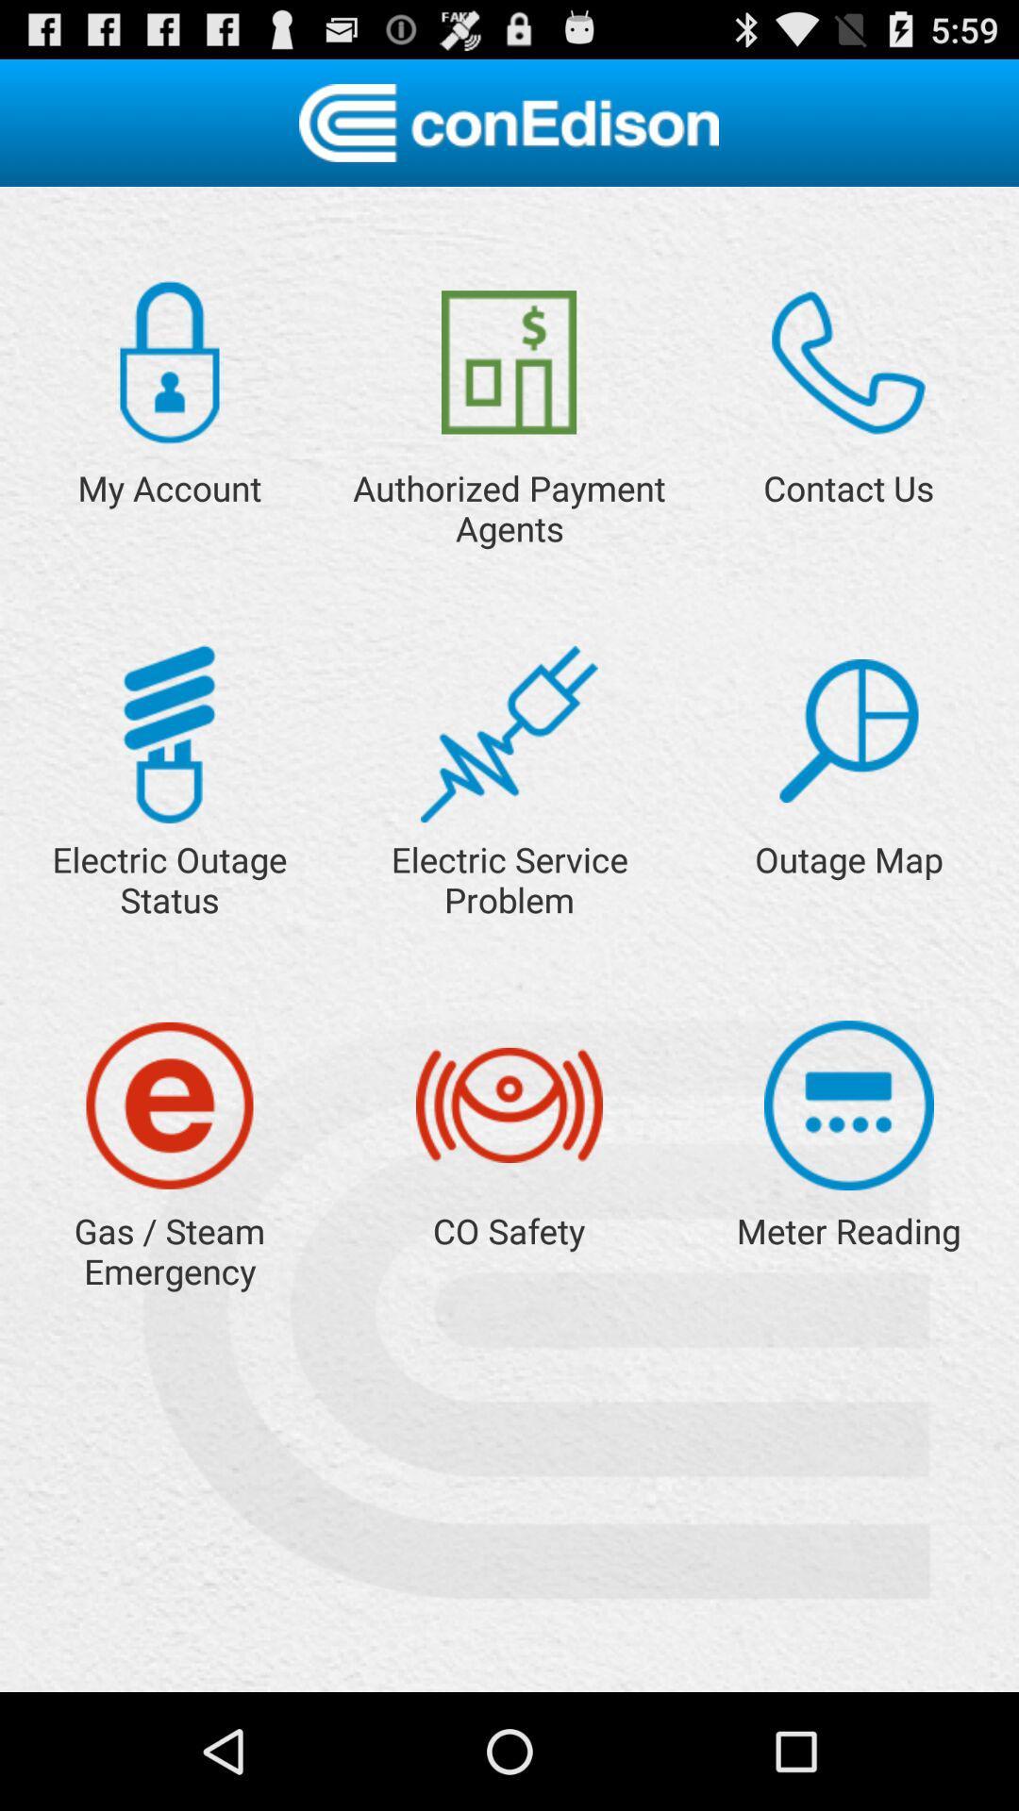 The width and height of the screenshot is (1019, 1811). Describe the element at coordinates (847, 1105) in the screenshot. I see `open meter reading page` at that location.